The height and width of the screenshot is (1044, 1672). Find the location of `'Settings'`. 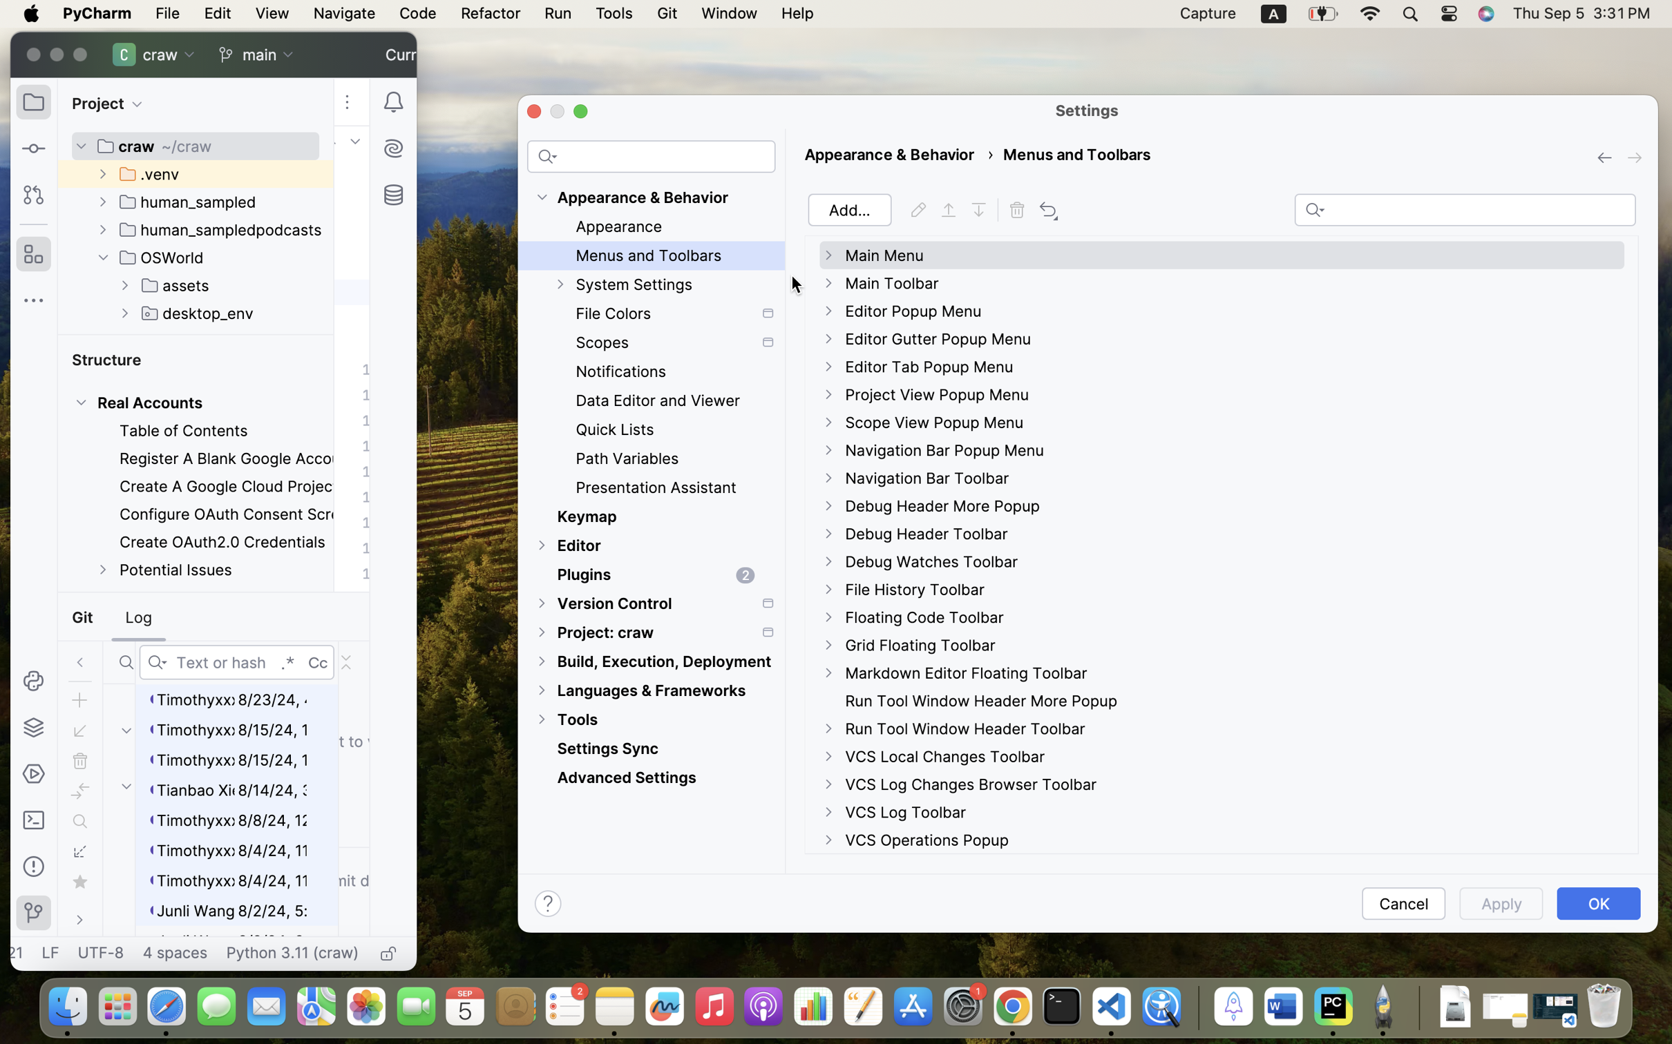

'Settings' is located at coordinates (1087, 110).